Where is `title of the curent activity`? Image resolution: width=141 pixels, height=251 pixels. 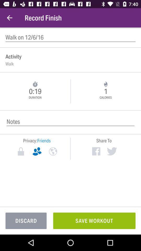
title of the curent activity is located at coordinates (70, 37).